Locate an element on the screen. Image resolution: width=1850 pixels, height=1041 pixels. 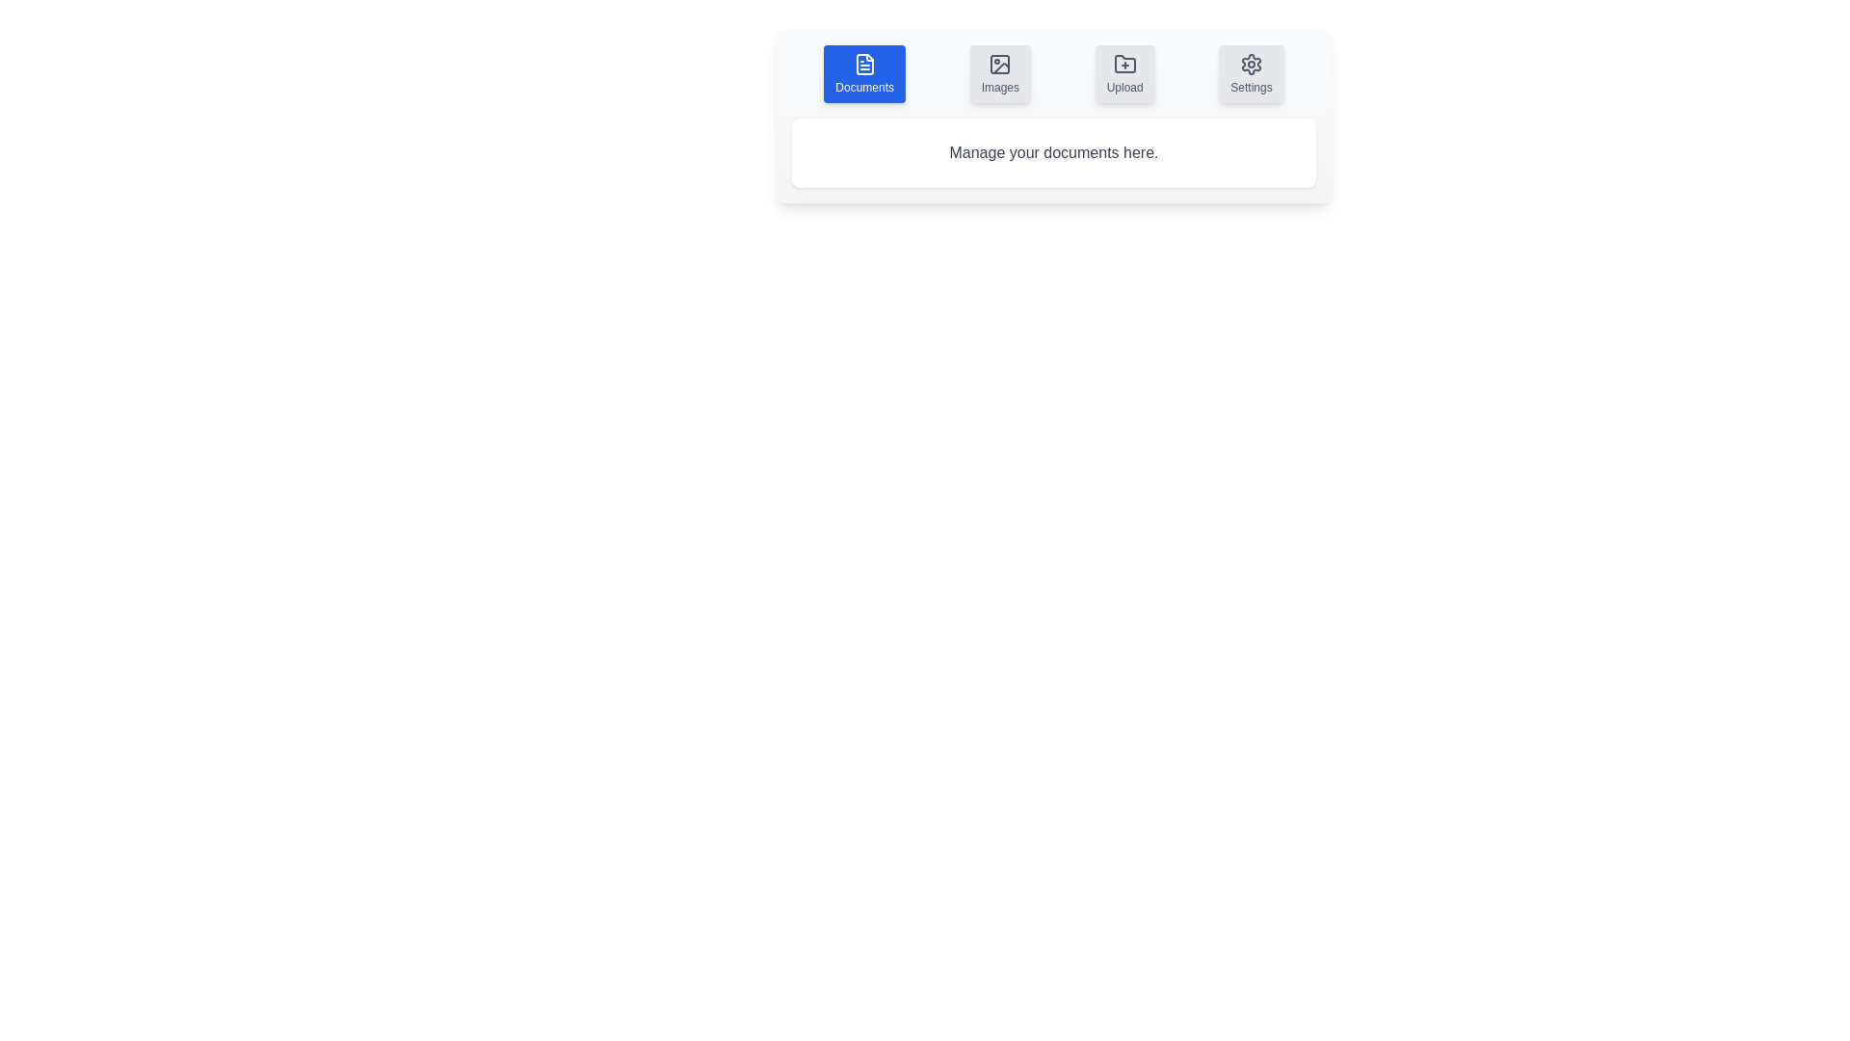
the tab button corresponding to Images to switch to that tab is located at coordinates (1000, 73).